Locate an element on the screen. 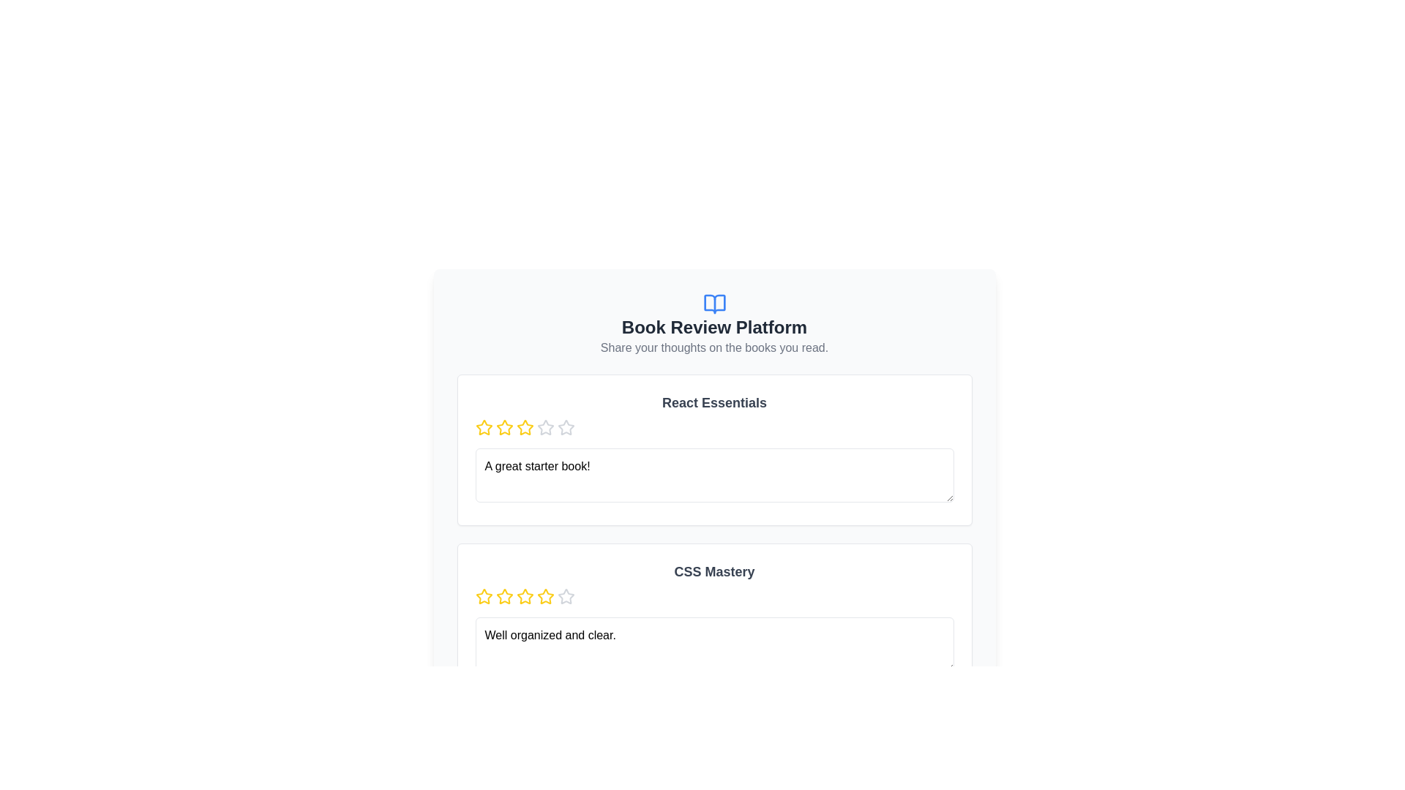 This screenshot has width=1405, height=790. the third yellow star icon in the rating system below the title 'React Essentials' is located at coordinates (525, 428).